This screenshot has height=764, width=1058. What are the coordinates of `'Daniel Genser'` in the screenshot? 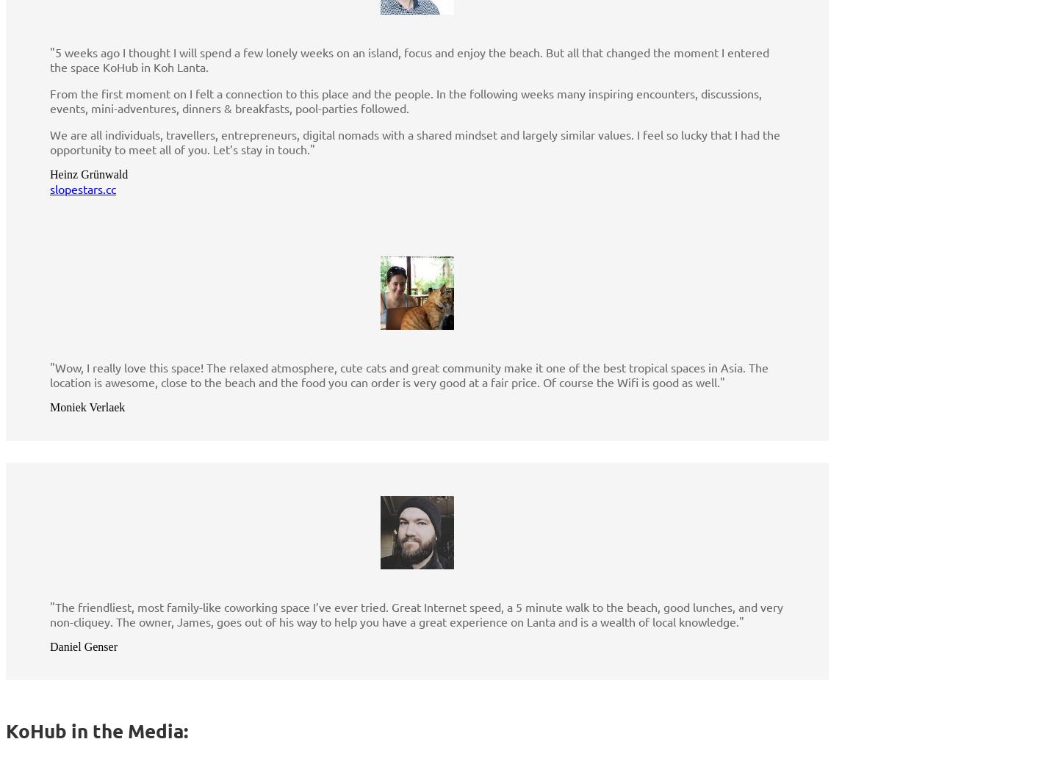 It's located at (83, 646).